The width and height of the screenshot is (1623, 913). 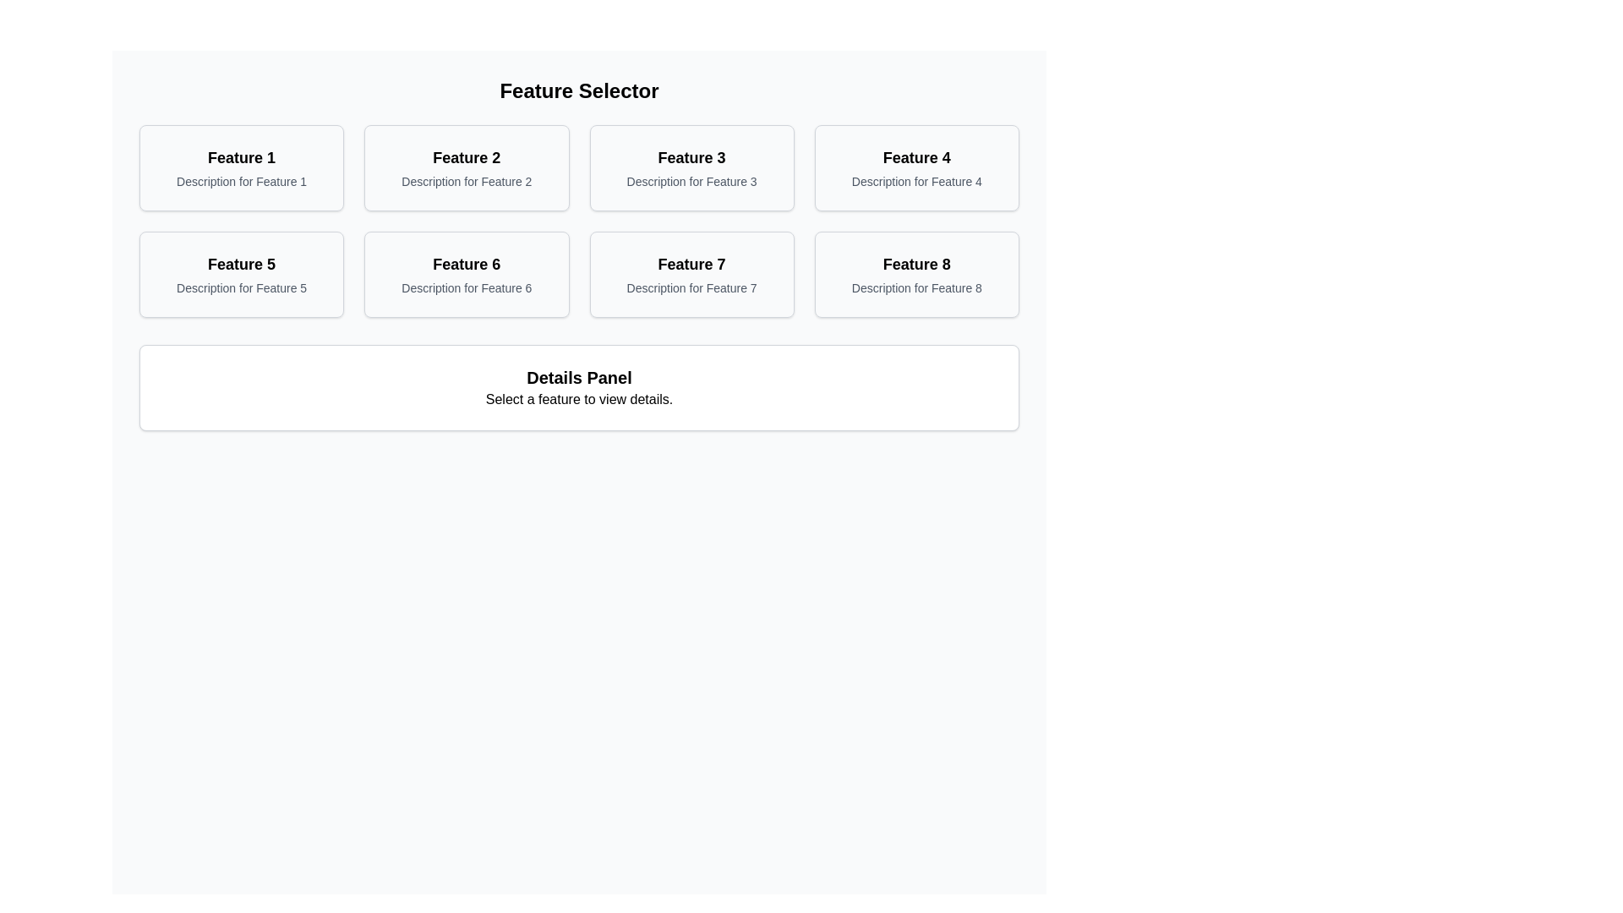 I want to click on the text header element labeled 'Feature Selector', which is prominently displayed at the top of the interface in a large, bold font, so click(x=579, y=91).